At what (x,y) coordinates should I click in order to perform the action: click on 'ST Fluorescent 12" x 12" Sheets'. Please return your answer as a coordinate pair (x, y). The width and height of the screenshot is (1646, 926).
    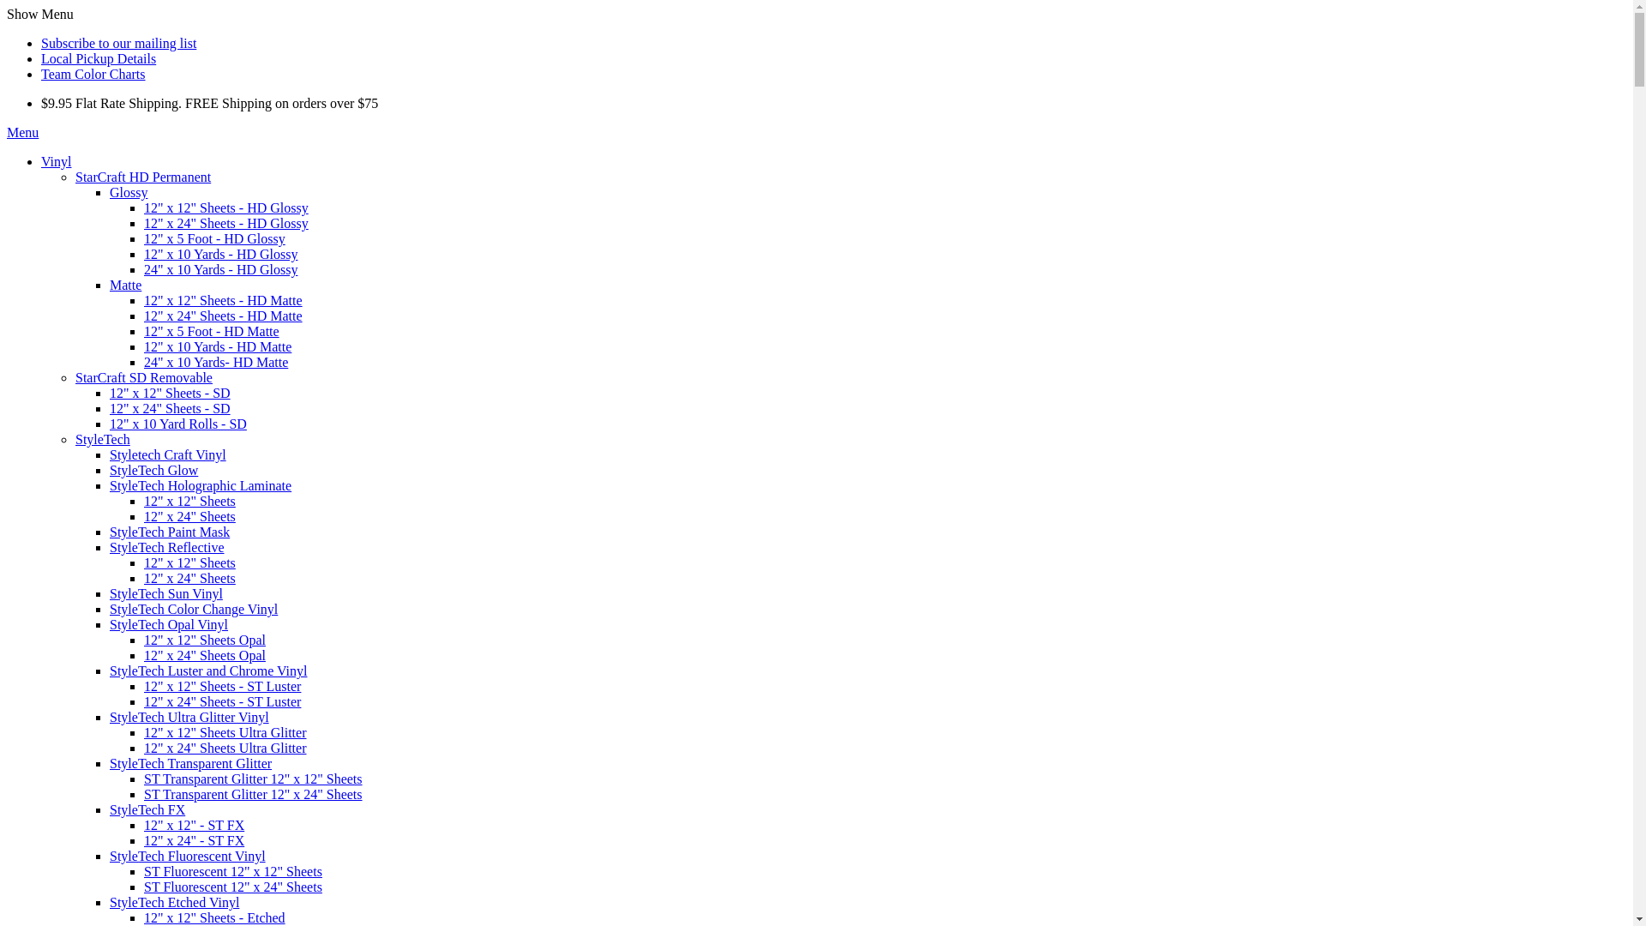
    Looking at the image, I should click on (232, 871).